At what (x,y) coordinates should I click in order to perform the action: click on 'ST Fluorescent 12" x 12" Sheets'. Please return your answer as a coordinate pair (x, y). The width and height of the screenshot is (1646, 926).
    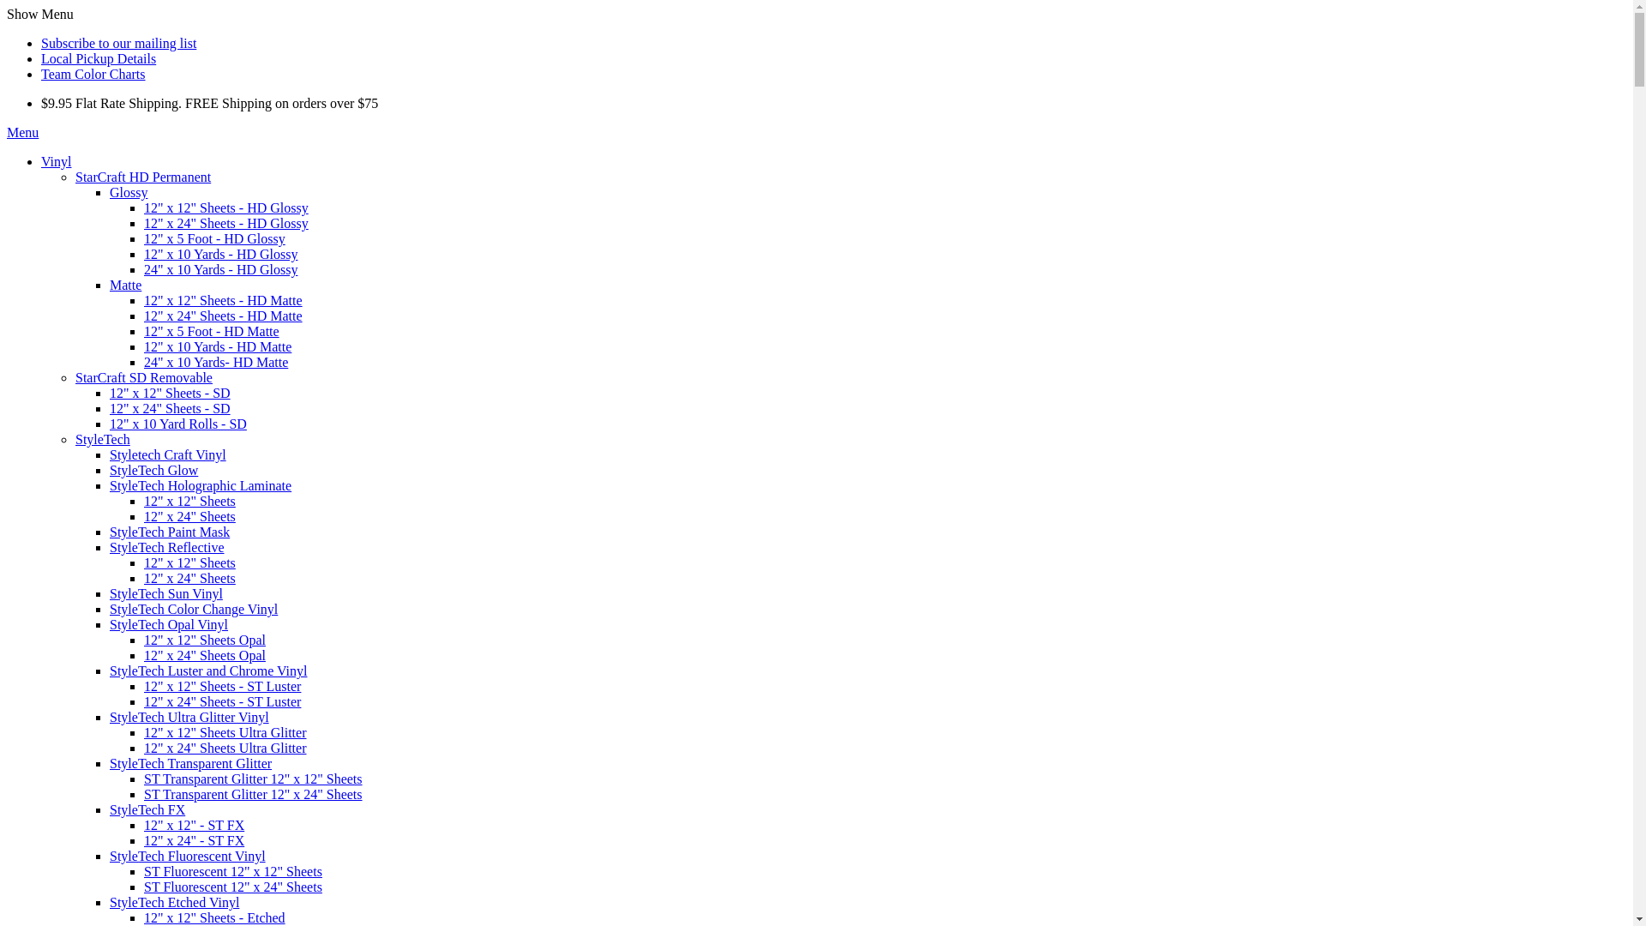
    Looking at the image, I should click on (232, 871).